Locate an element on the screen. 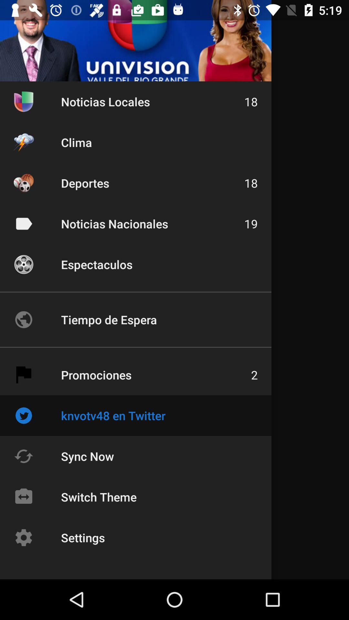  the icon which is left to the promociones is located at coordinates (23, 375).